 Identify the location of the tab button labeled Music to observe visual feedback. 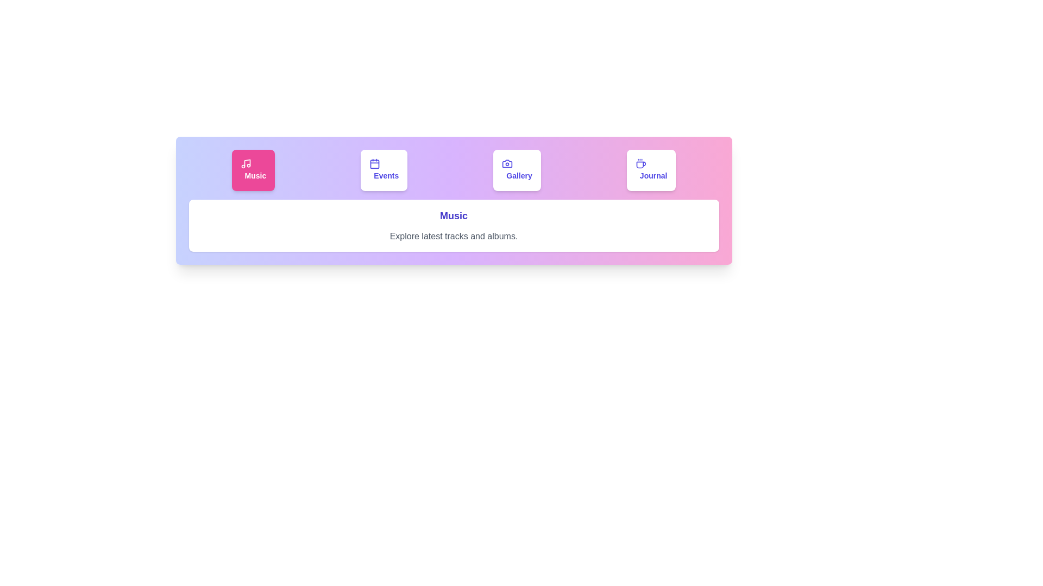
(253, 170).